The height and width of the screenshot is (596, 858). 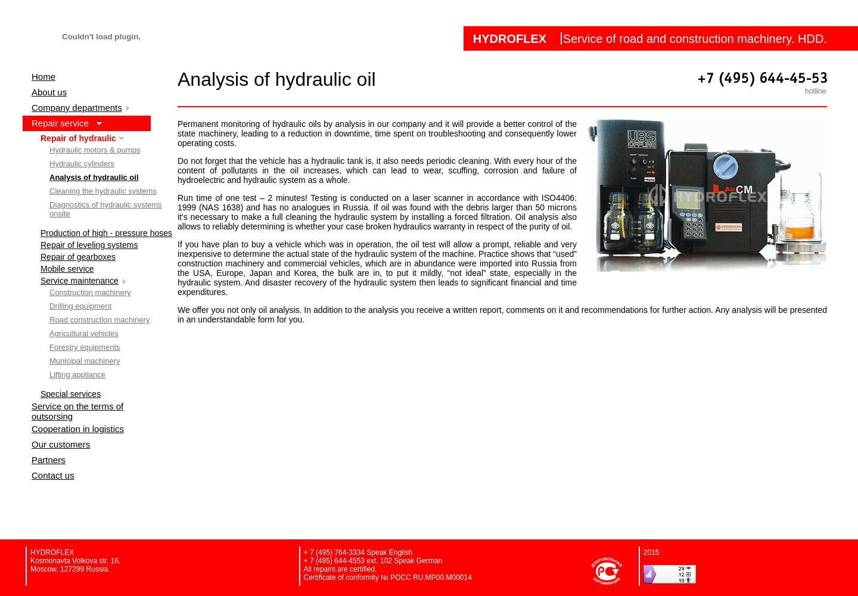 What do you see at coordinates (30, 76) in the screenshot?
I see `'Home'` at bounding box center [30, 76].